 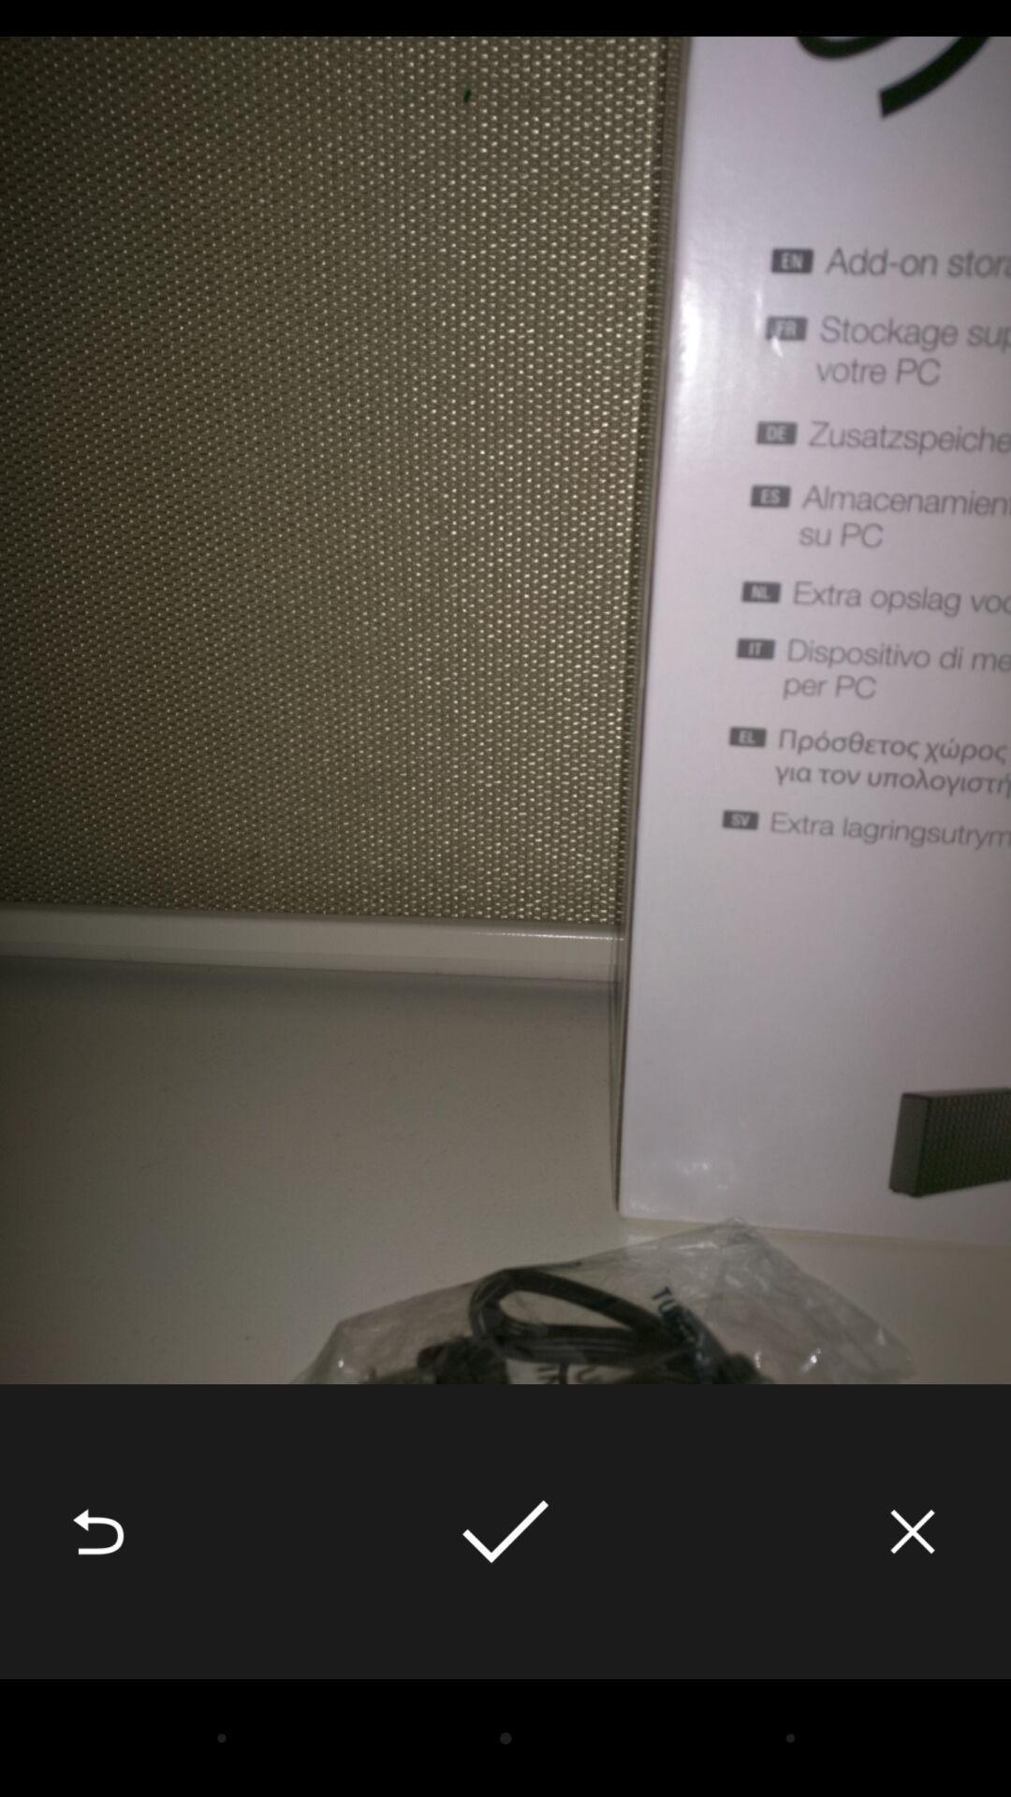 What do you see at coordinates (97, 1531) in the screenshot?
I see `icon at the bottom left corner` at bounding box center [97, 1531].